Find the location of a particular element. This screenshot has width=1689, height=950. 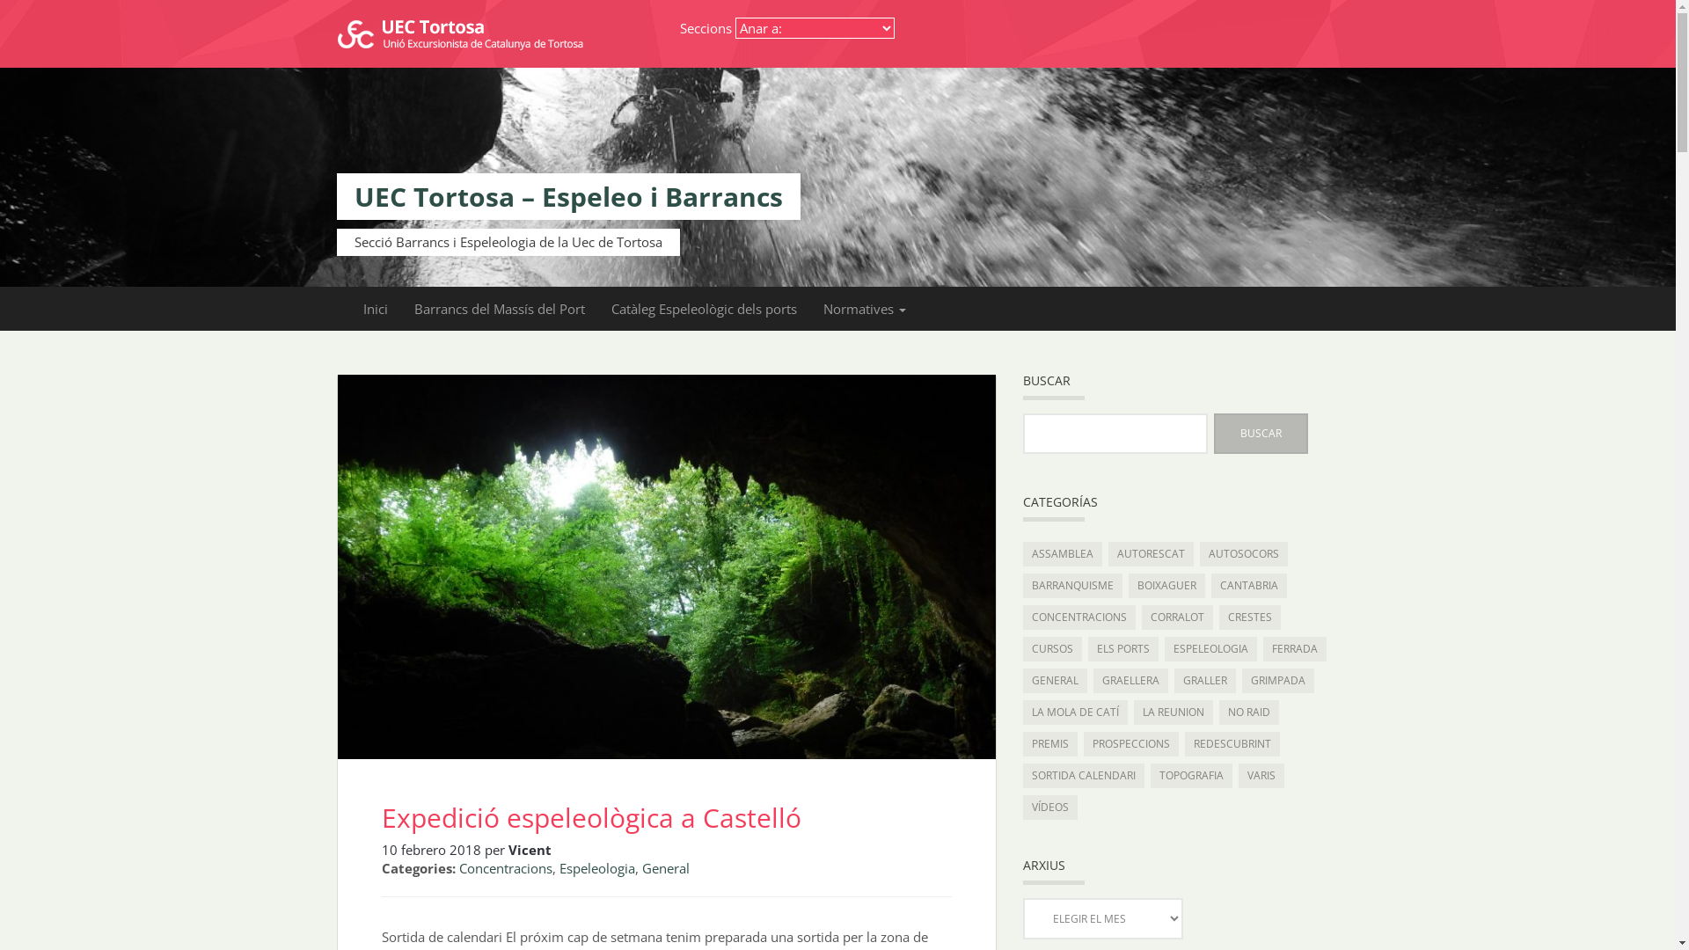

'Buscar' is located at coordinates (1260, 433).